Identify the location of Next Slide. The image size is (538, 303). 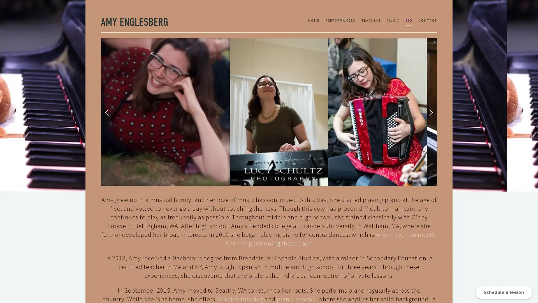
(430, 112).